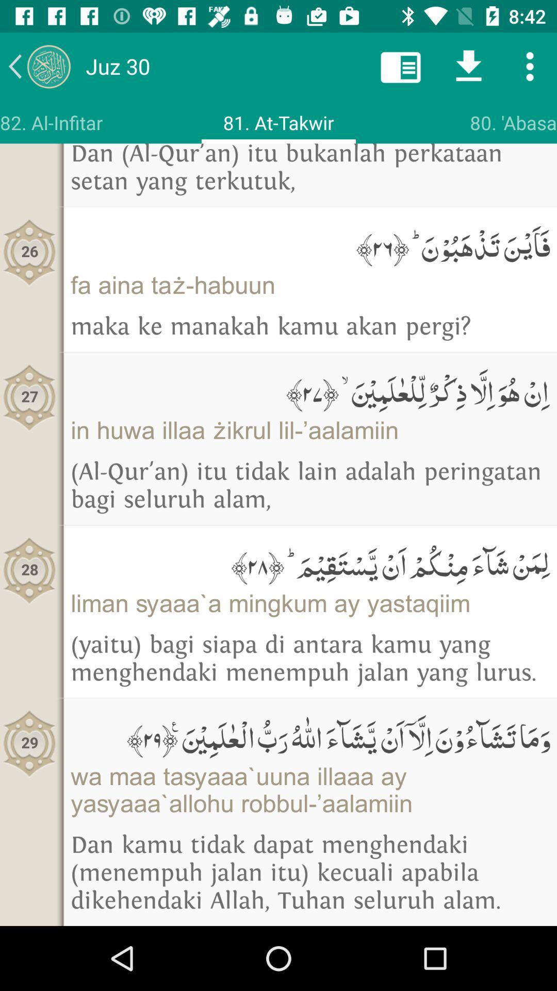 This screenshot has height=991, width=557. I want to click on the item above the wa maa tasaaa, so click(309, 736).